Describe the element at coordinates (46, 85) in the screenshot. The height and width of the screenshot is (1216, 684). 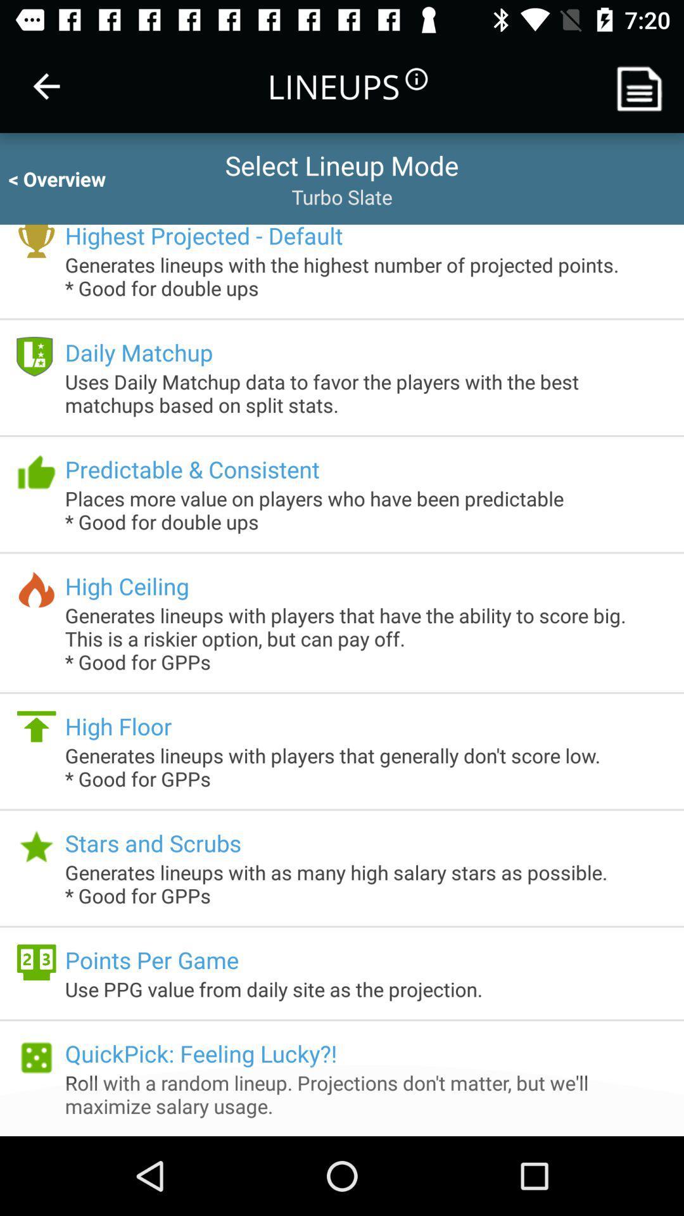
I see `item to the left of the lineups` at that location.